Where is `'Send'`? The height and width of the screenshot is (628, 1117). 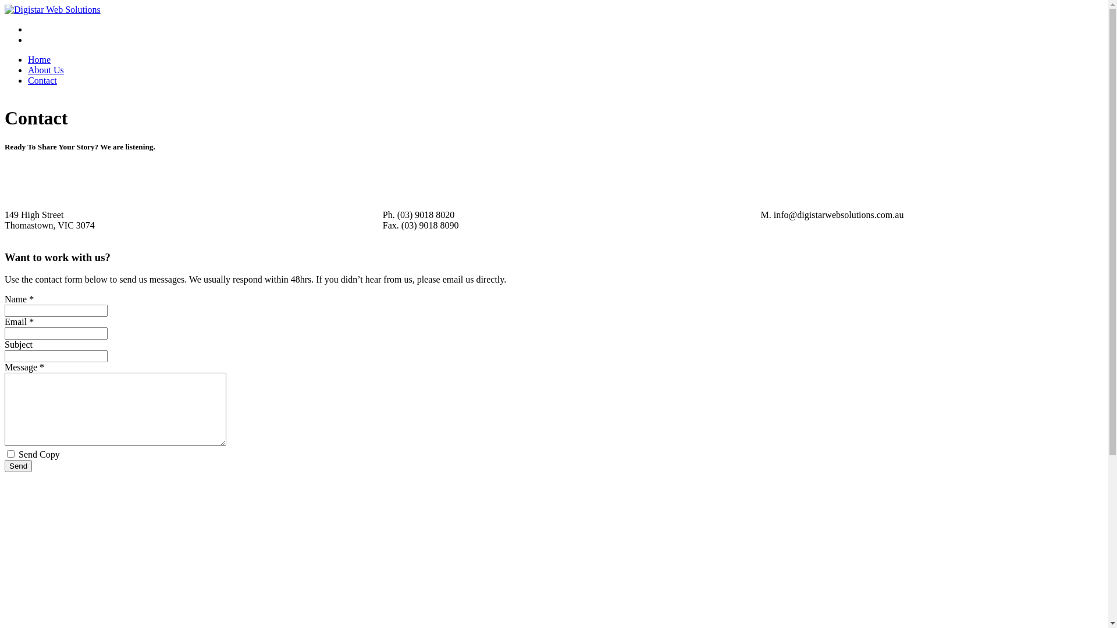 'Send' is located at coordinates (18, 465).